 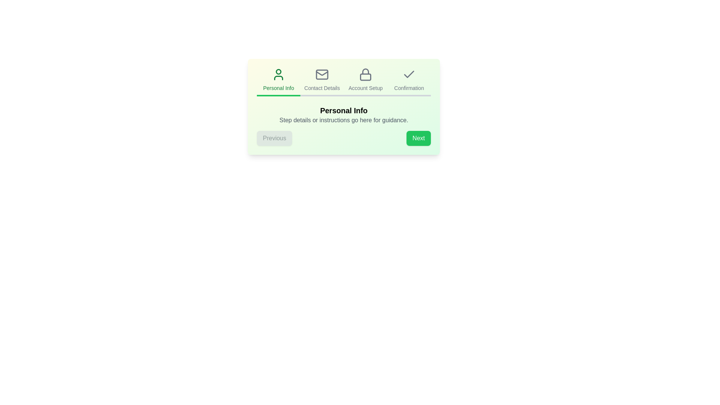 I want to click on the step icon or title corresponding to Personal Info, so click(x=278, y=82).